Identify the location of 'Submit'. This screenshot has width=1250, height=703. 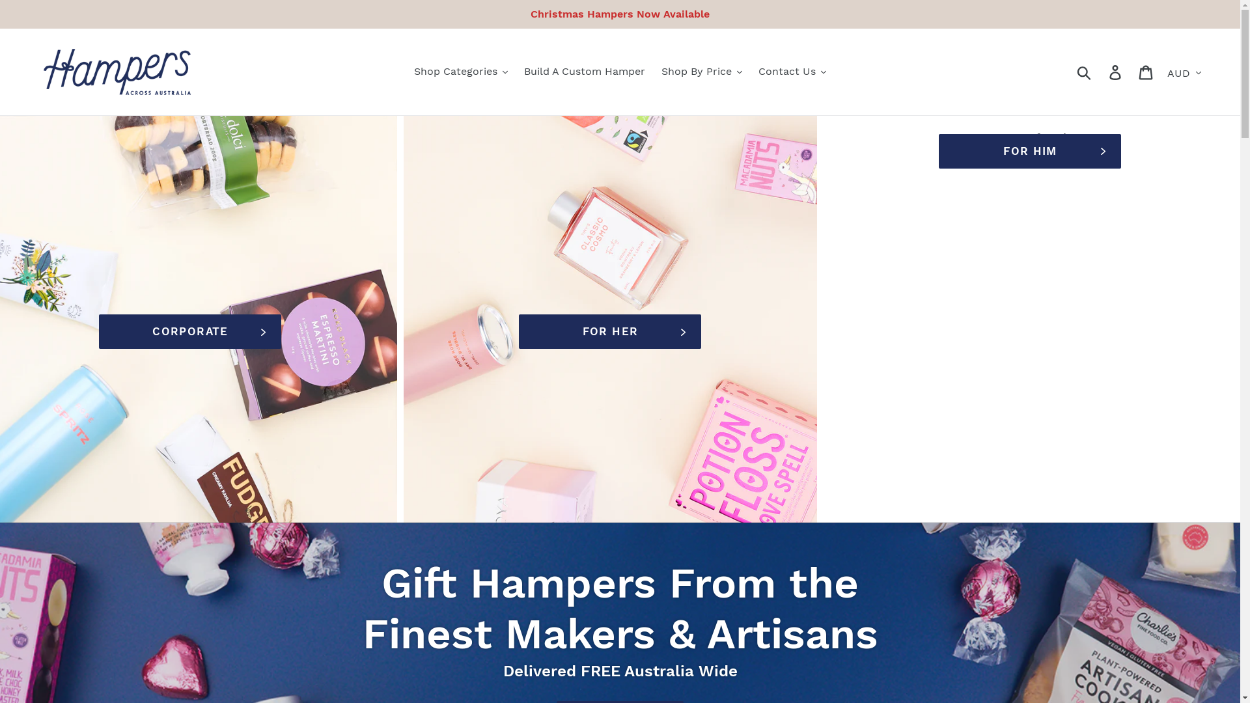
(1068, 72).